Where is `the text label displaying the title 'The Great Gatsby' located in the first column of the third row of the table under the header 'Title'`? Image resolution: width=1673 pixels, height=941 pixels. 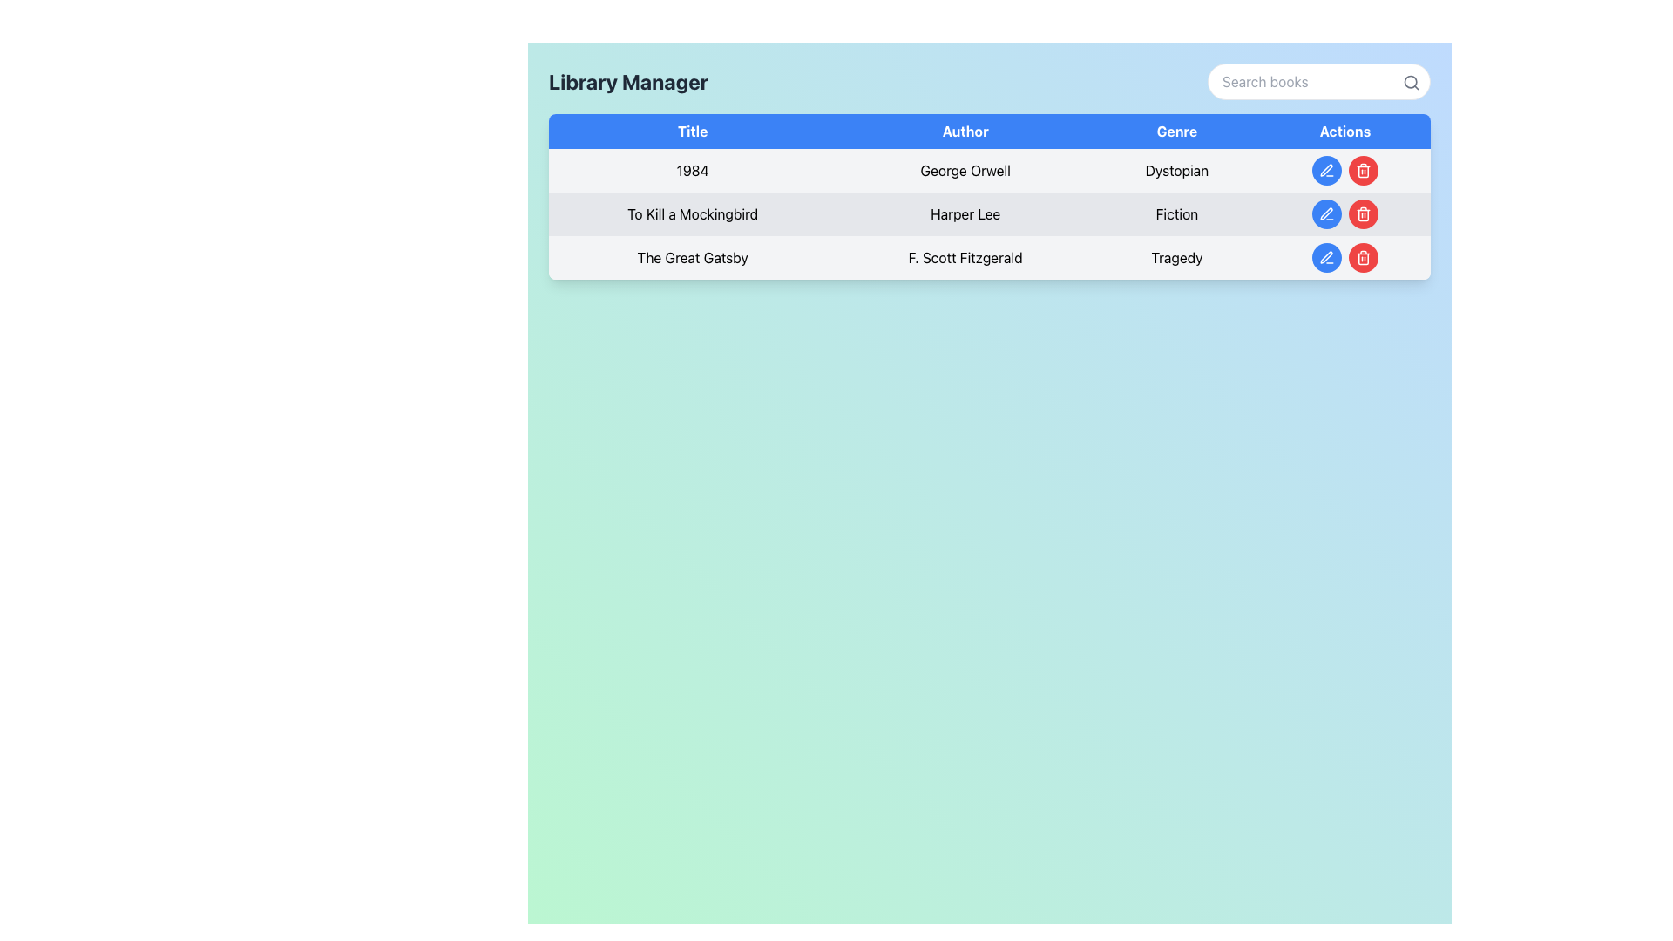 the text label displaying the title 'The Great Gatsby' located in the first column of the third row of the table under the header 'Title' is located at coordinates (692, 258).